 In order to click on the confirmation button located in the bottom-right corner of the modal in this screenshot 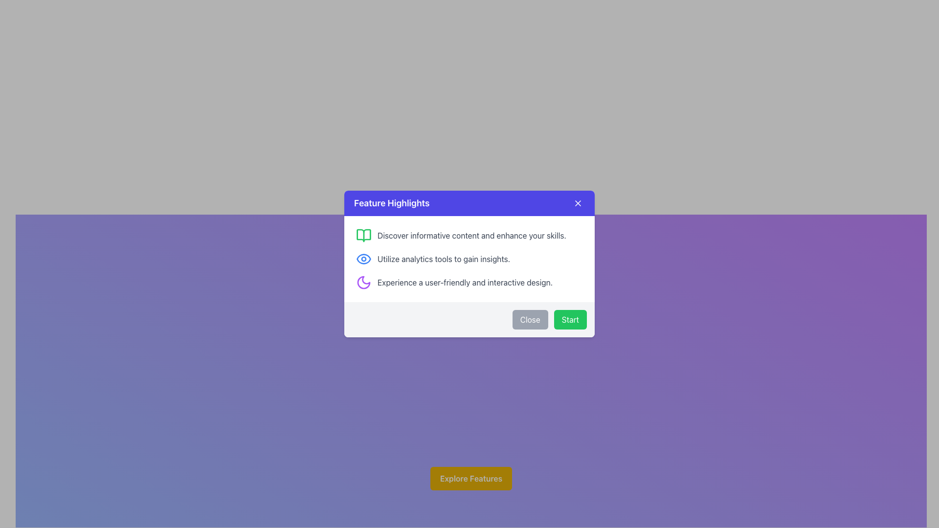, I will do `click(570, 320)`.